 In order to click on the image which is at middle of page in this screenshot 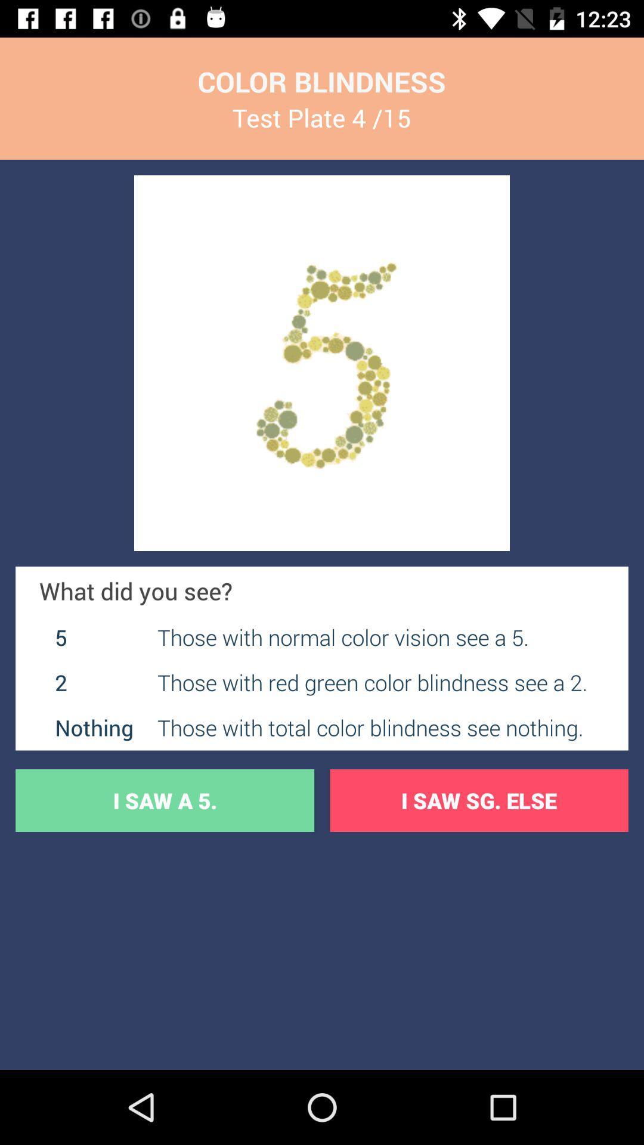, I will do `click(322, 363)`.